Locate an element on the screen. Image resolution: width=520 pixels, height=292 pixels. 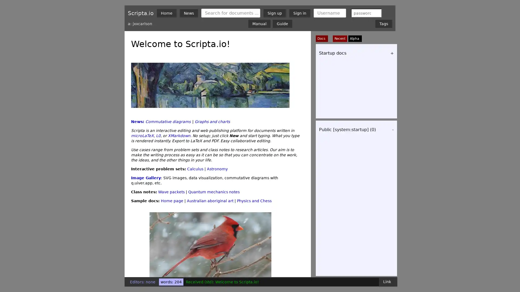
Image Gallery is located at coordinates (146, 178).